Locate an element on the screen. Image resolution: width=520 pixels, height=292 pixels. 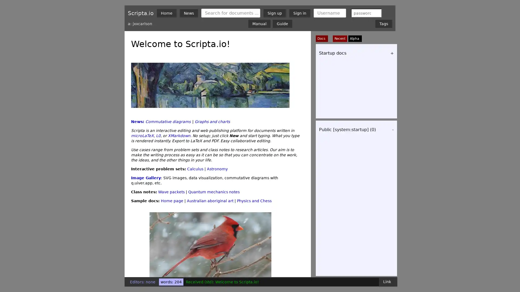
Image Gallery is located at coordinates (146, 178).